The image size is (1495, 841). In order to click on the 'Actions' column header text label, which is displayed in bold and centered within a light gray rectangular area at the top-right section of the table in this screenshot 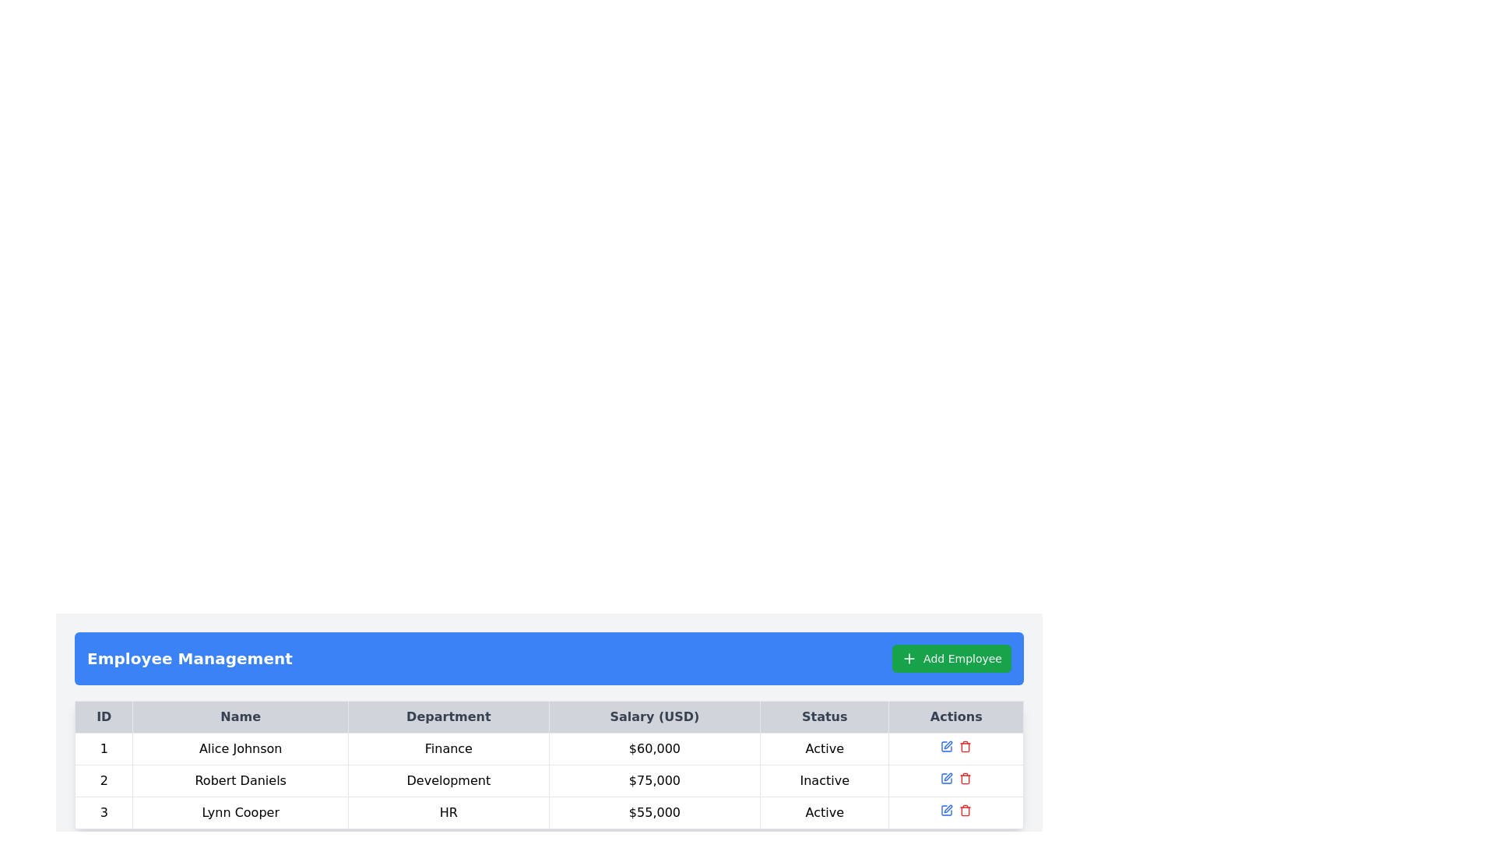, I will do `click(955, 717)`.